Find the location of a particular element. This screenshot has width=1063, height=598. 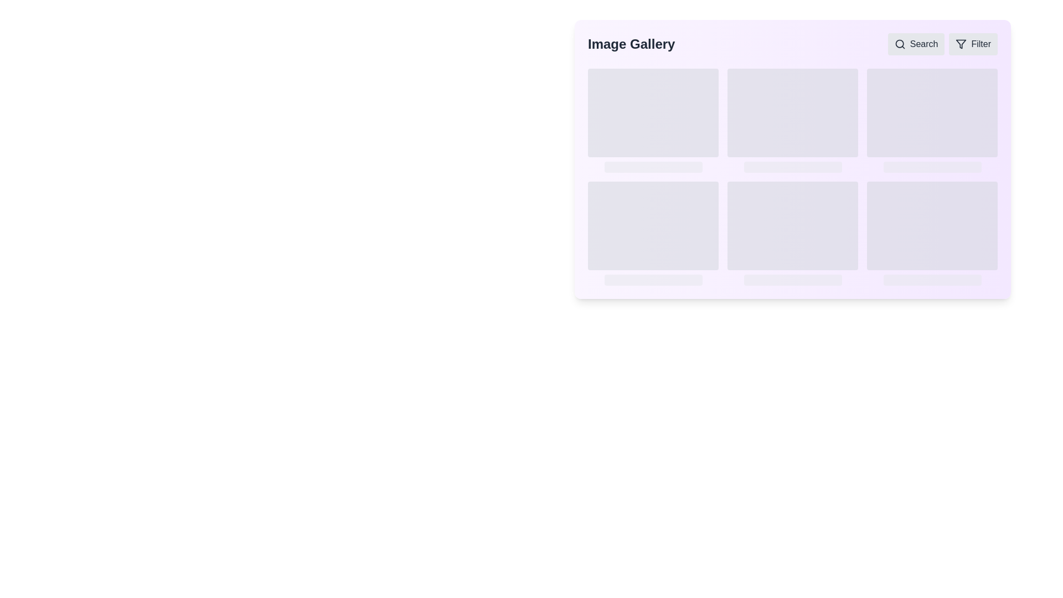

the visual slot element positioned in the second column of the first row of the 'Image Gallery' grid layout is located at coordinates (792, 113).